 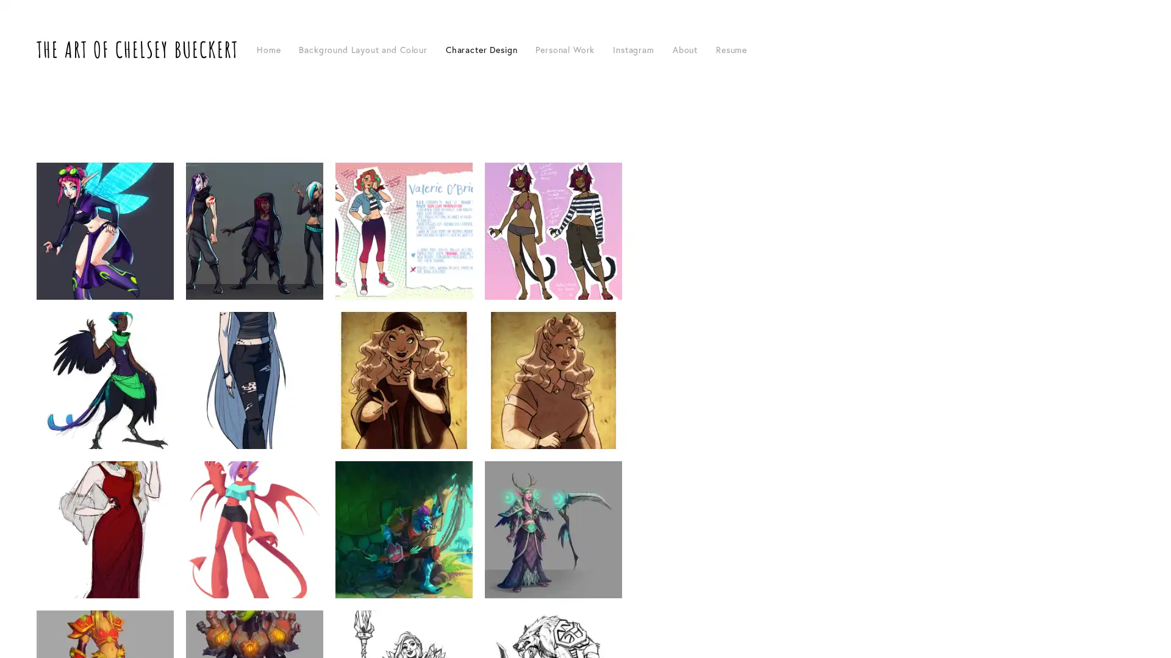 I want to click on View fullsize World of Warcraft inspired concept art done during internship with Garrett Hanna, so click(x=404, y=529).